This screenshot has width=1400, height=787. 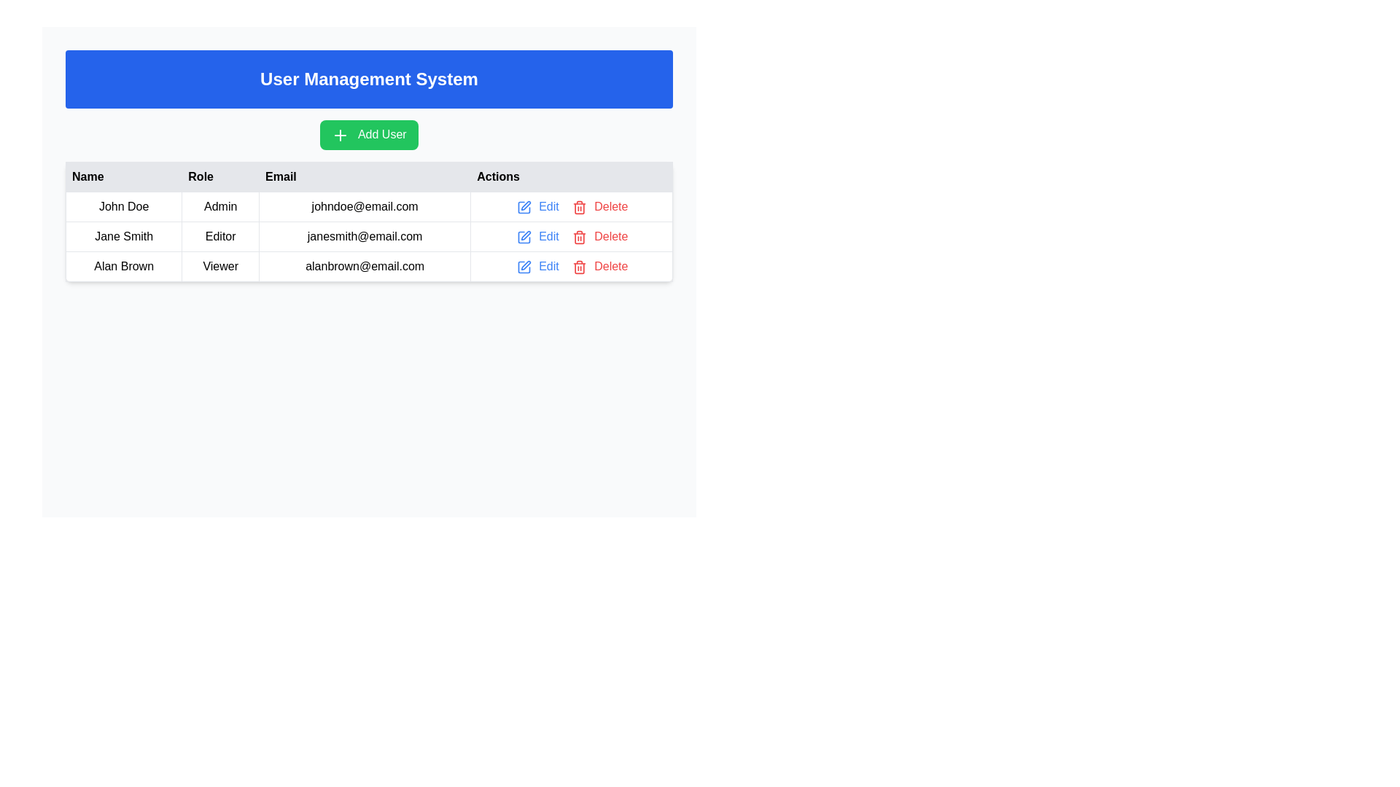 What do you see at coordinates (369, 135) in the screenshot?
I see `the prominent green button labeled 'Add User' located below the blue banner titled 'User Management System'` at bounding box center [369, 135].